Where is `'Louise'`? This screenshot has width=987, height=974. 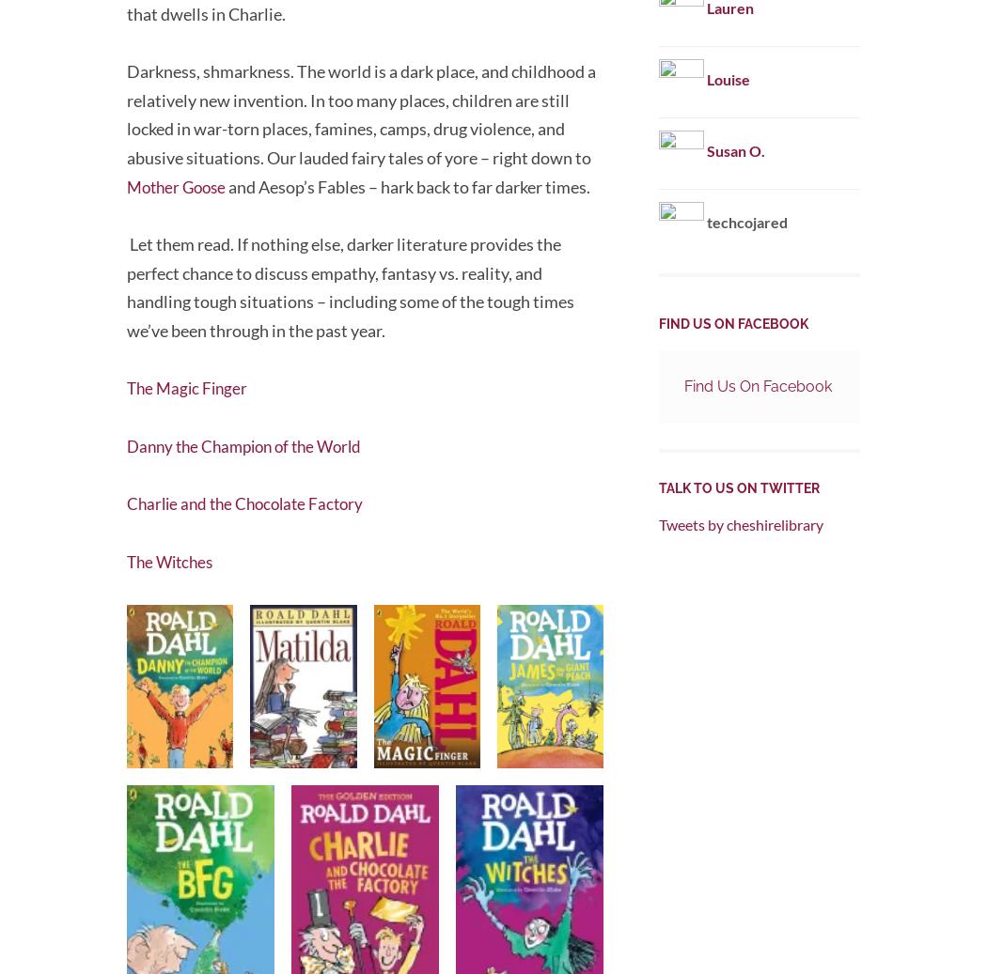 'Louise' is located at coordinates (727, 78).